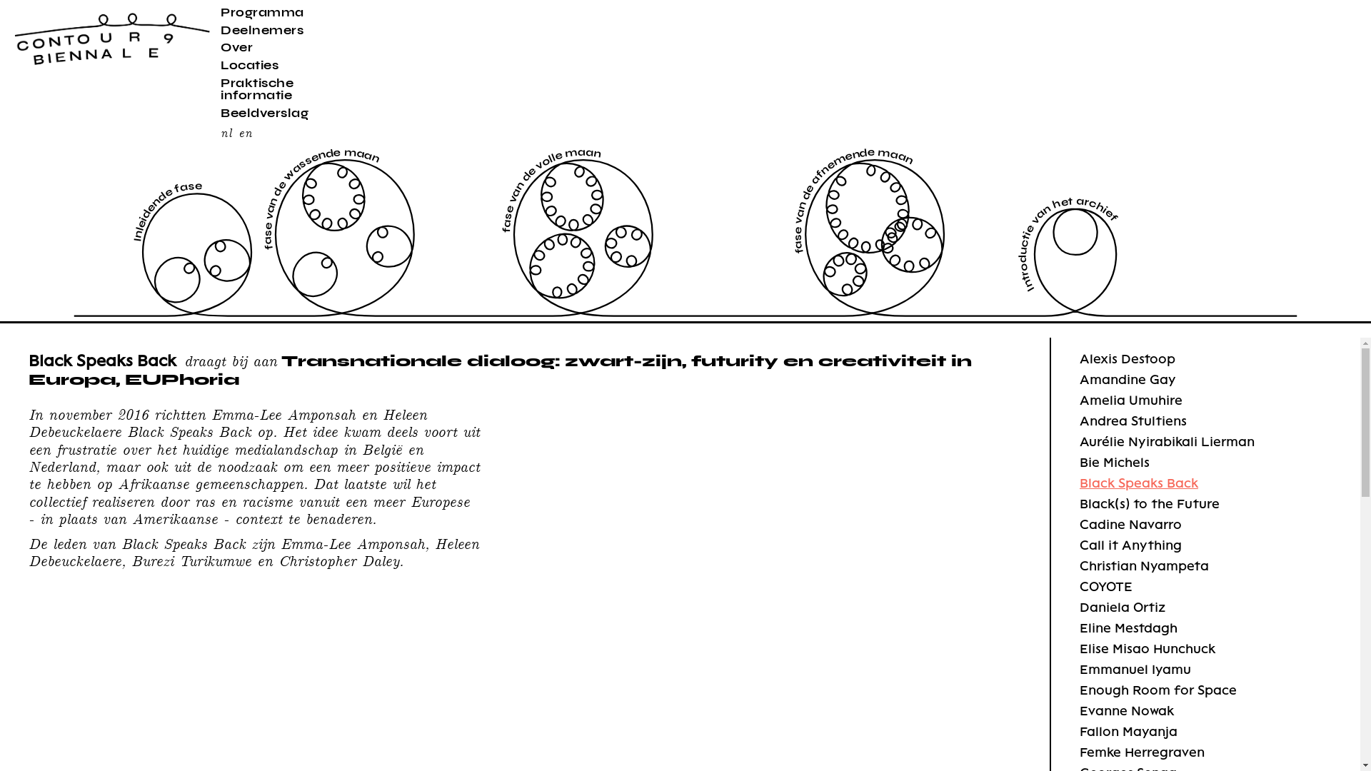 The height and width of the screenshot is (771, 1371). What do you see at coordinates (1080, 545) in the screenshot?
I see `'Call it Anything'` at bounding box center [1080, 545].